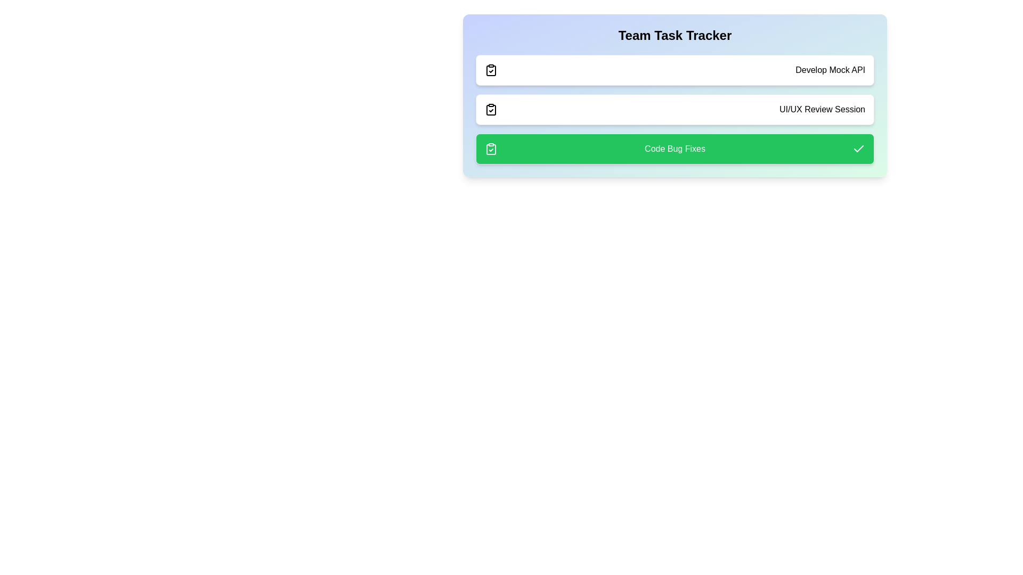 This screenshot has height=575, width=1023. Describe the element at coordinates (490, 149) in the screenshot. I see `the icon corresponding to Code Bug Fixes to toggle its status` at that location.